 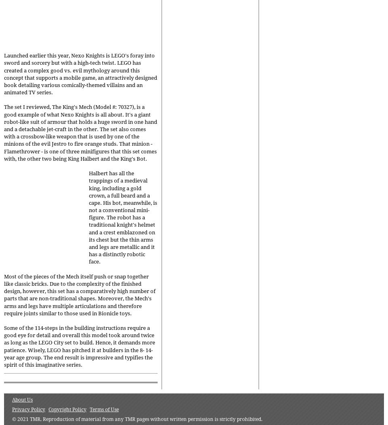 I want to click on 'Halbert has all the trappings of a medieval king, including a gold crown, a full beard and a cape. His bot, meanwhile, is not a conventional mini-figure. The robot has a traditional knight's helmet and a crest emblazoned on its chest but the thin arms and legs are metallic and it has a distinctly robotic face.', so click(x=123, y=217).